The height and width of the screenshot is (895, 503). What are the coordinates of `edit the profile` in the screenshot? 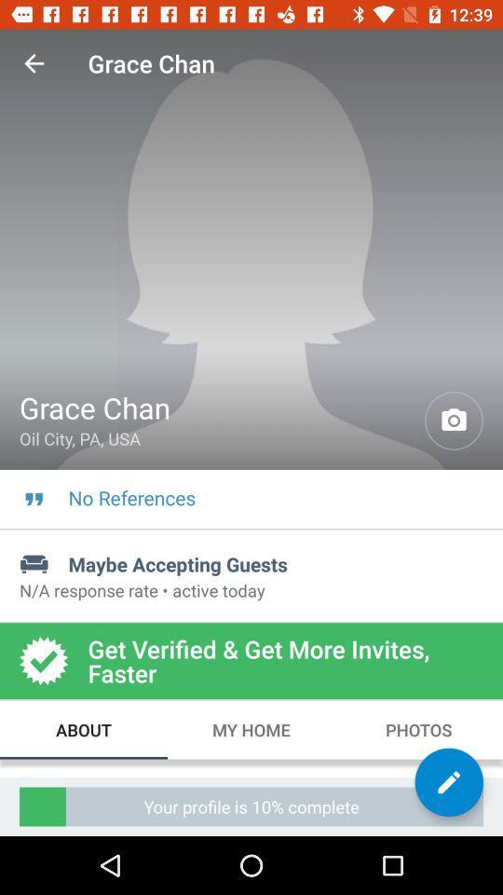 It's located at (448, 782).